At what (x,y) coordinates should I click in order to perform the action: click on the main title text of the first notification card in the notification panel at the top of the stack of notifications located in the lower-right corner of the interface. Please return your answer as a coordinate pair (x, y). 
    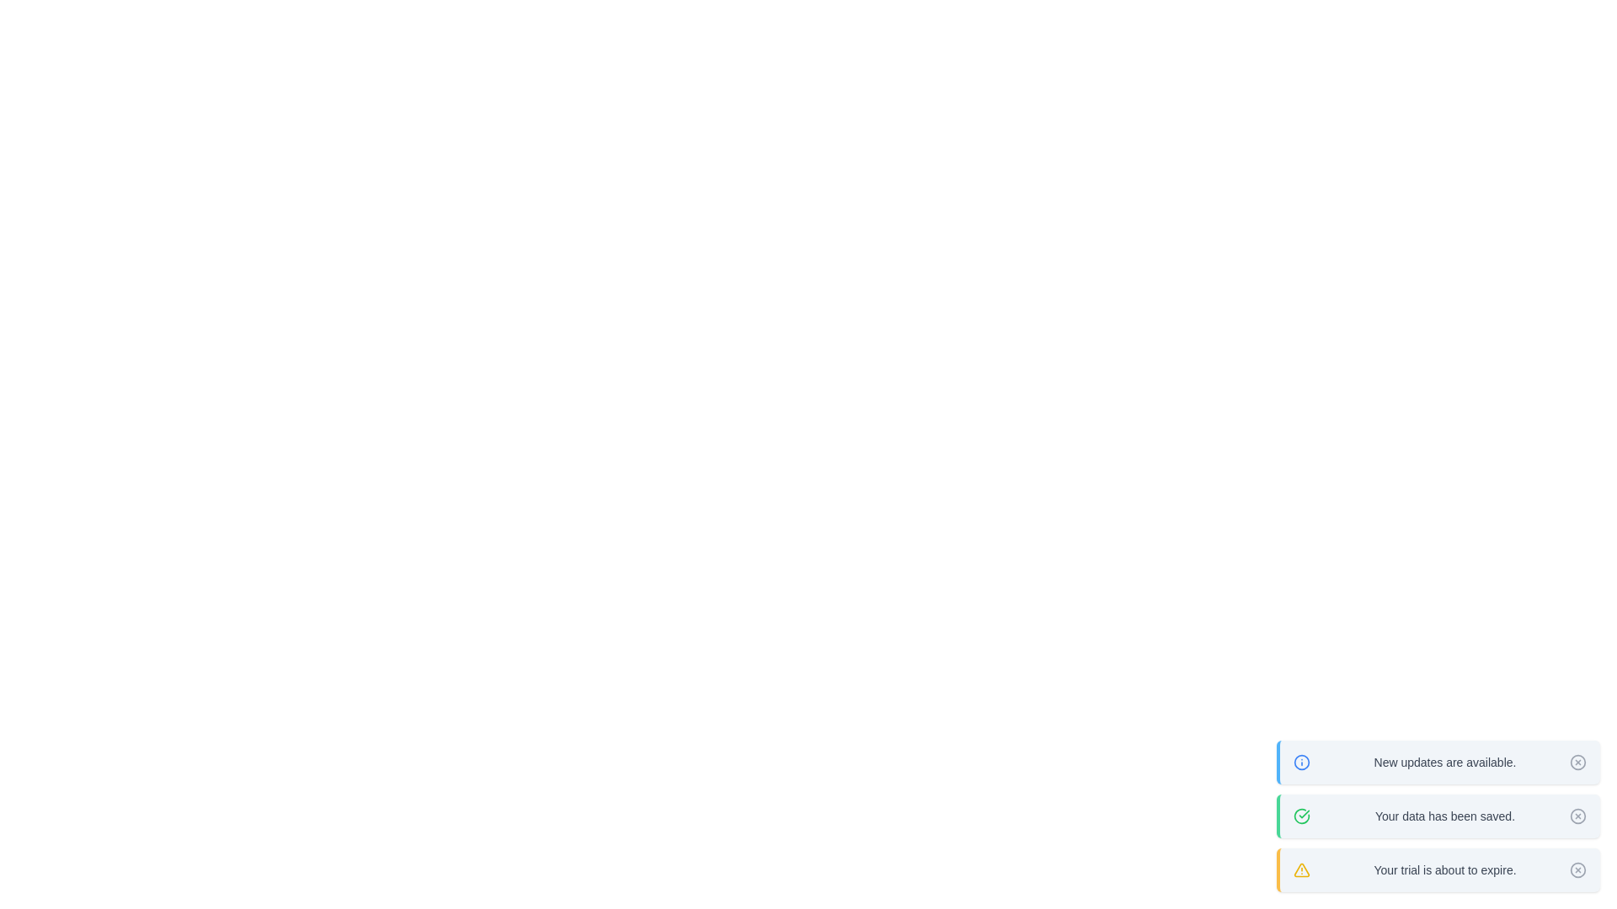
    Looking at the image, I should click on (1444, 763).